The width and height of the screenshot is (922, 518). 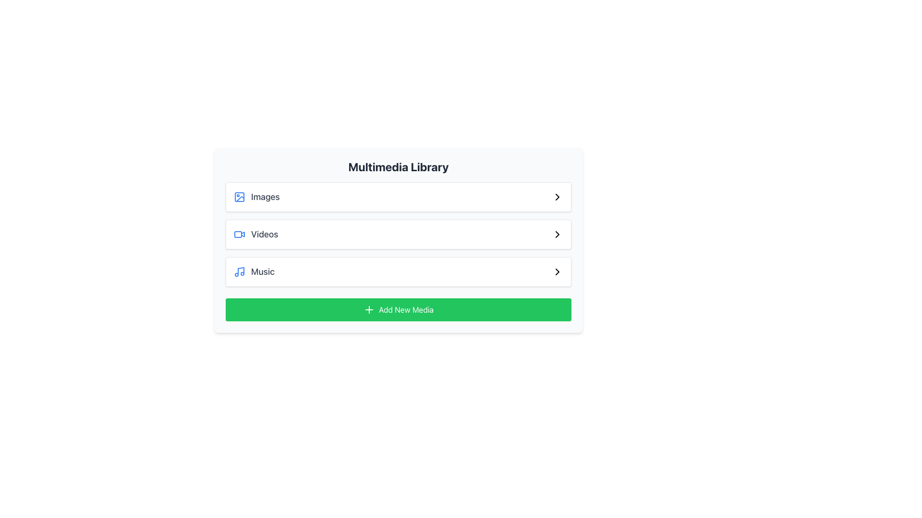 I want to click on the second selectable list item in the Multimedia Library, which is positioned between the Images and Music options, so click(x=399, y=235).